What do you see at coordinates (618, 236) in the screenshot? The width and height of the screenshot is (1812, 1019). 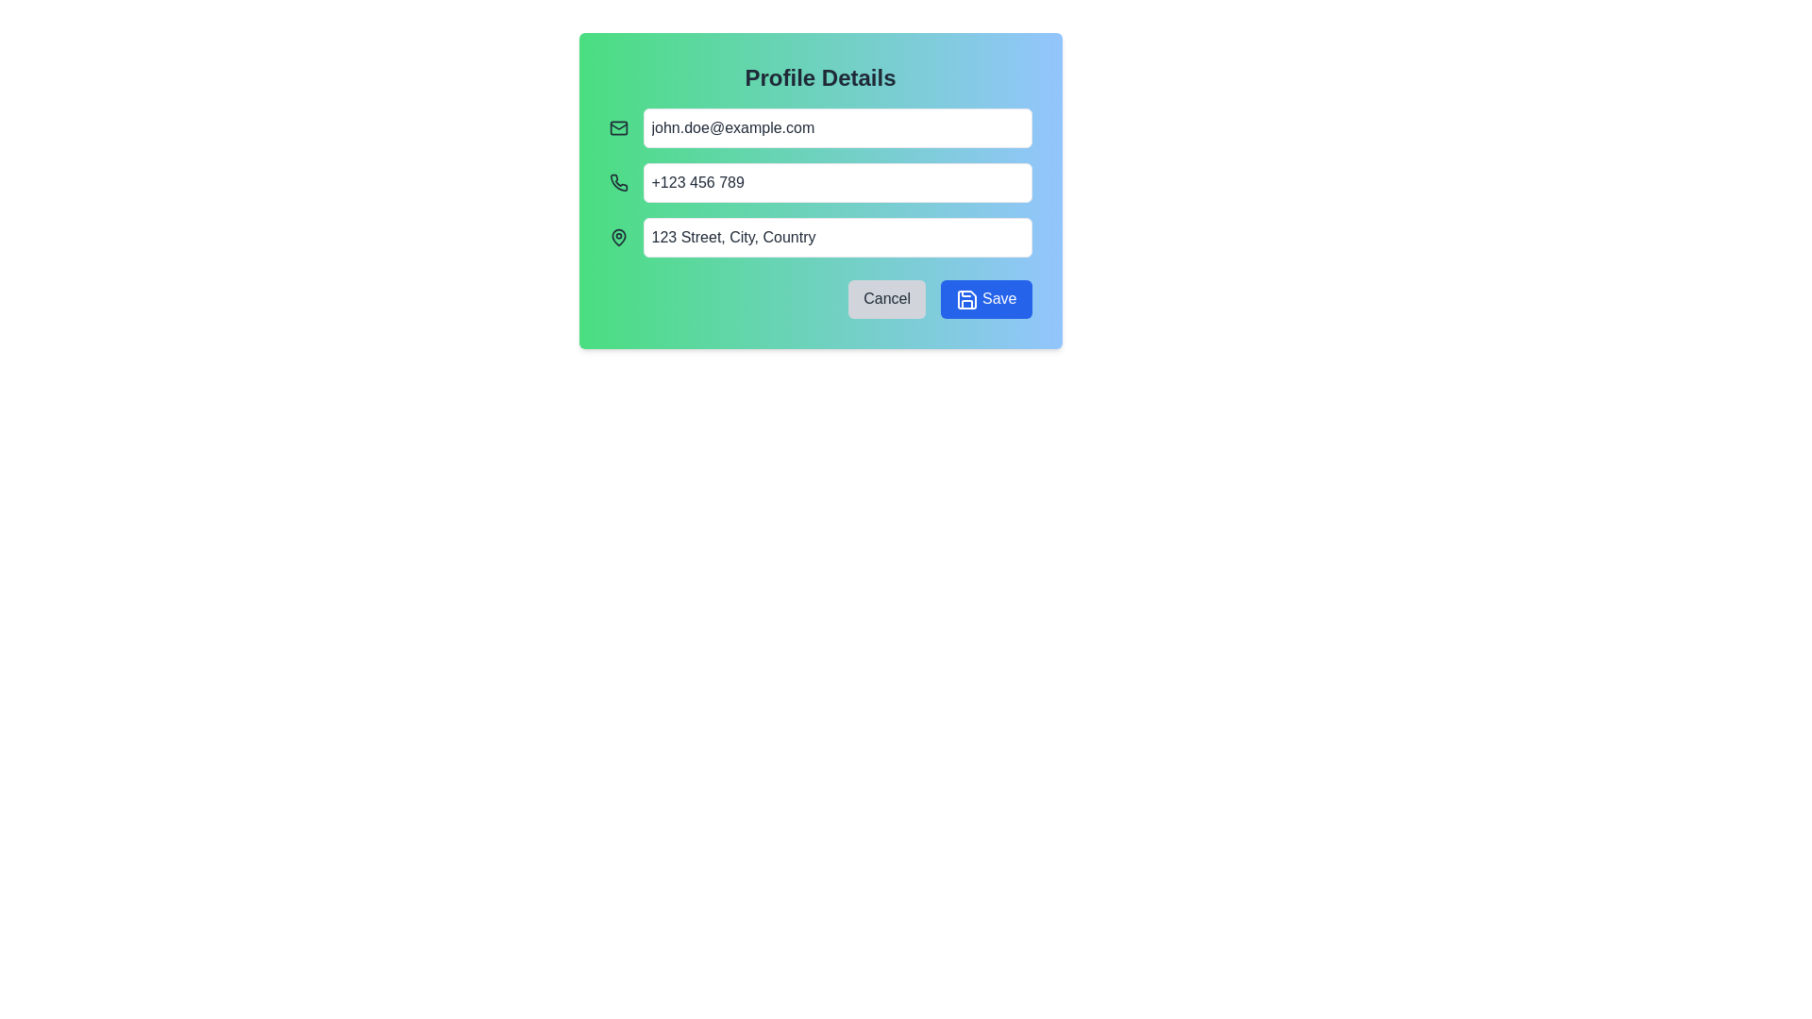 I see `the SVG map pin icon, which is the leftmost item in the layout next to the address input field` at bounding box center [618, 236].